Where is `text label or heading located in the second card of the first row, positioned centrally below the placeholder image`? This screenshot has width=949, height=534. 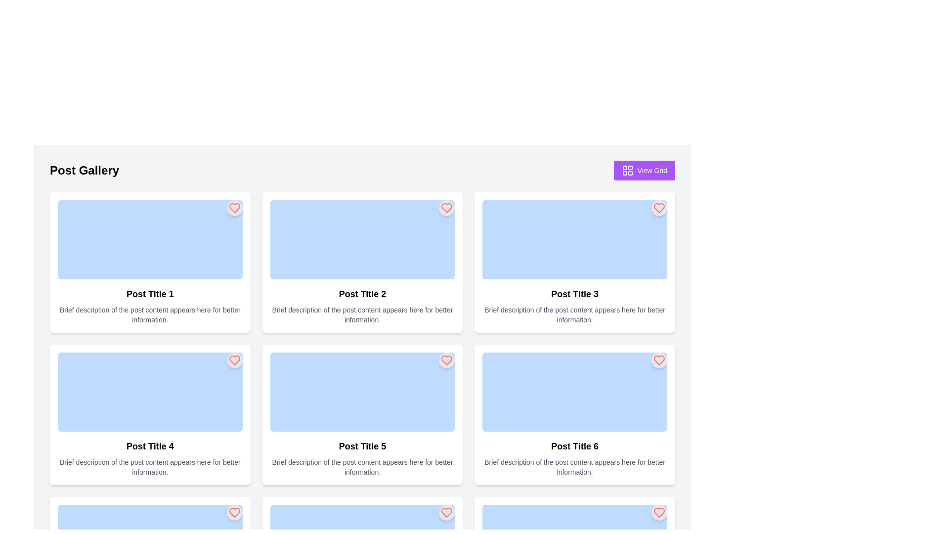 text label or heading located in the second card of the first row, positioned centrally below the placeholder image is located at coordinates (362, 293).